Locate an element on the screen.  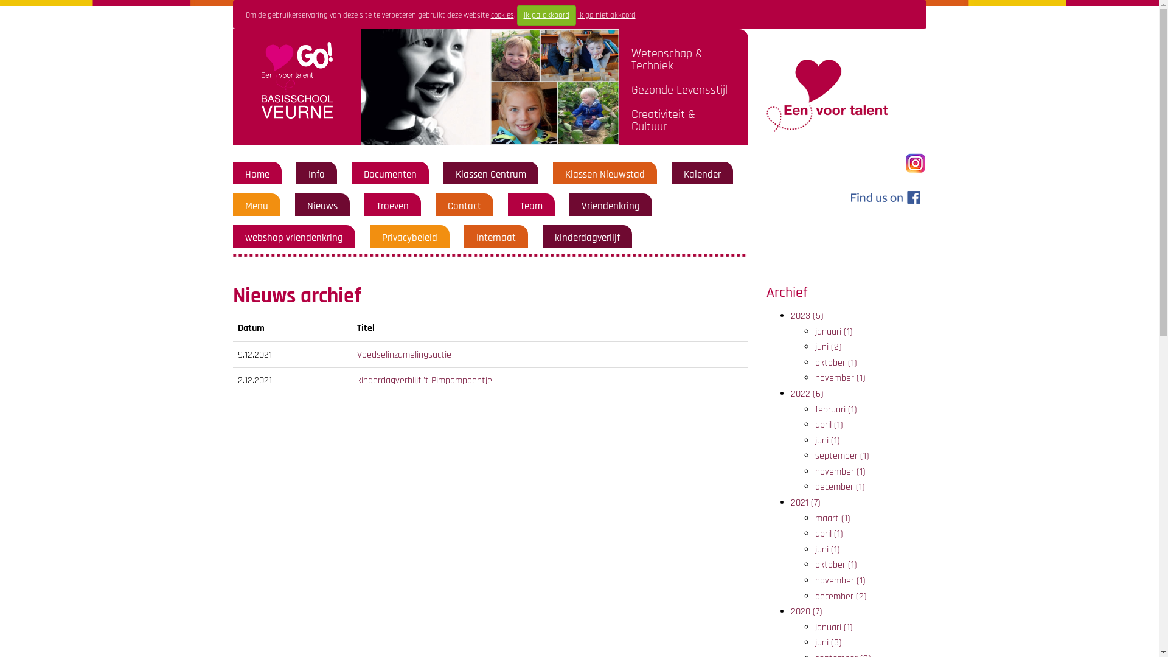
'Klassen Nieuwstad' is located at coordinates (563, 174).